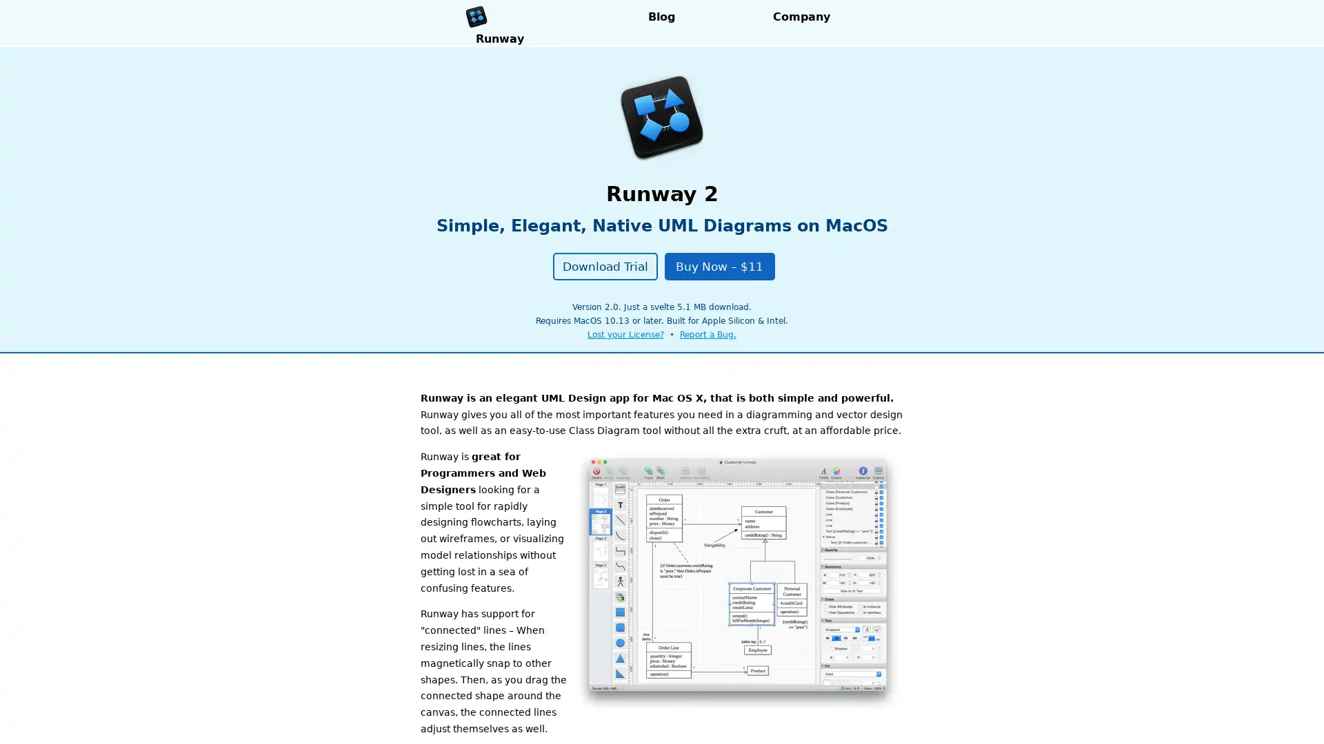 This screenshot has height=744, width=1324. I want to click on Buy Now  $11, so click(718, 265).